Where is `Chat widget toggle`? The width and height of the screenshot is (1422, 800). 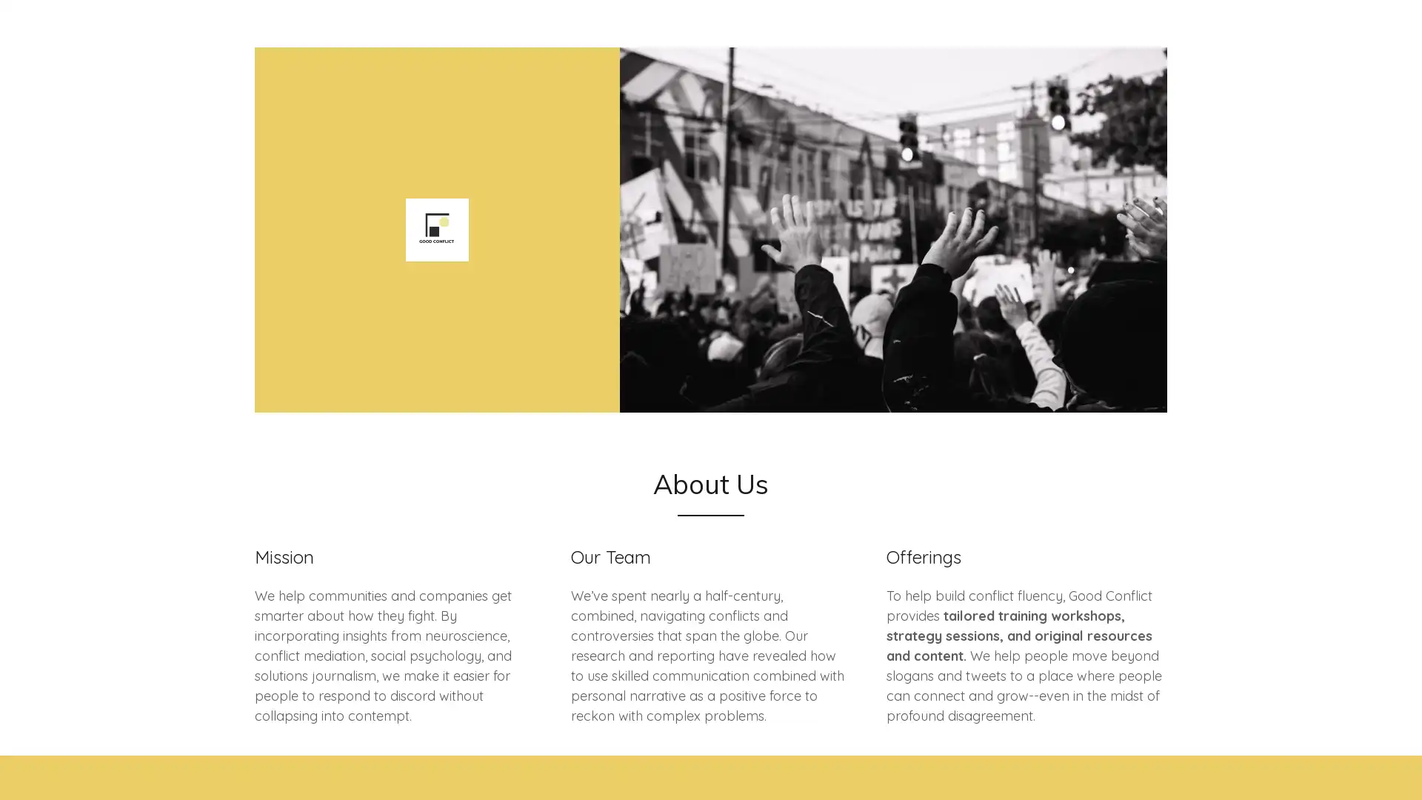
Chat widget toggle is located at coordinates (1383, 762).